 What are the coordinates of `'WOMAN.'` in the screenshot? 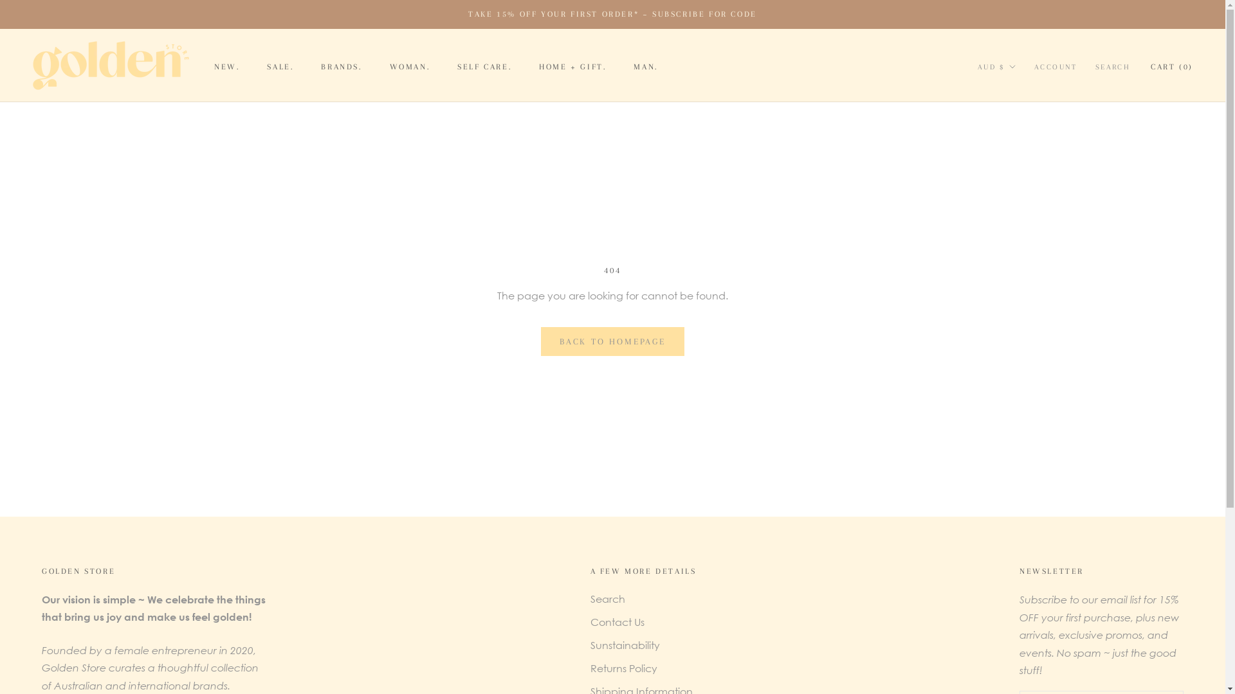 It's located at (410, 67).